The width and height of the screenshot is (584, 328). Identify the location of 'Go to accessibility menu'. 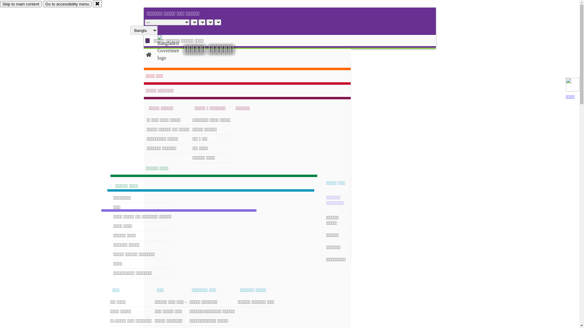
(67, 4).